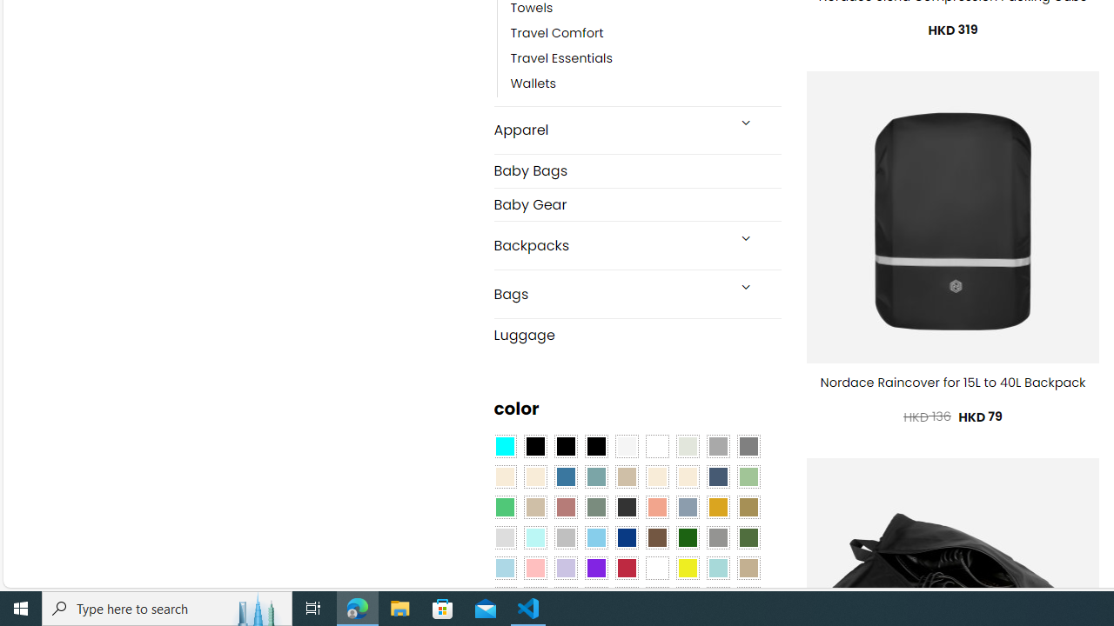  Describe the element at coordinates (534, 537) in the screenshot. I see `'Mint'` at that location.